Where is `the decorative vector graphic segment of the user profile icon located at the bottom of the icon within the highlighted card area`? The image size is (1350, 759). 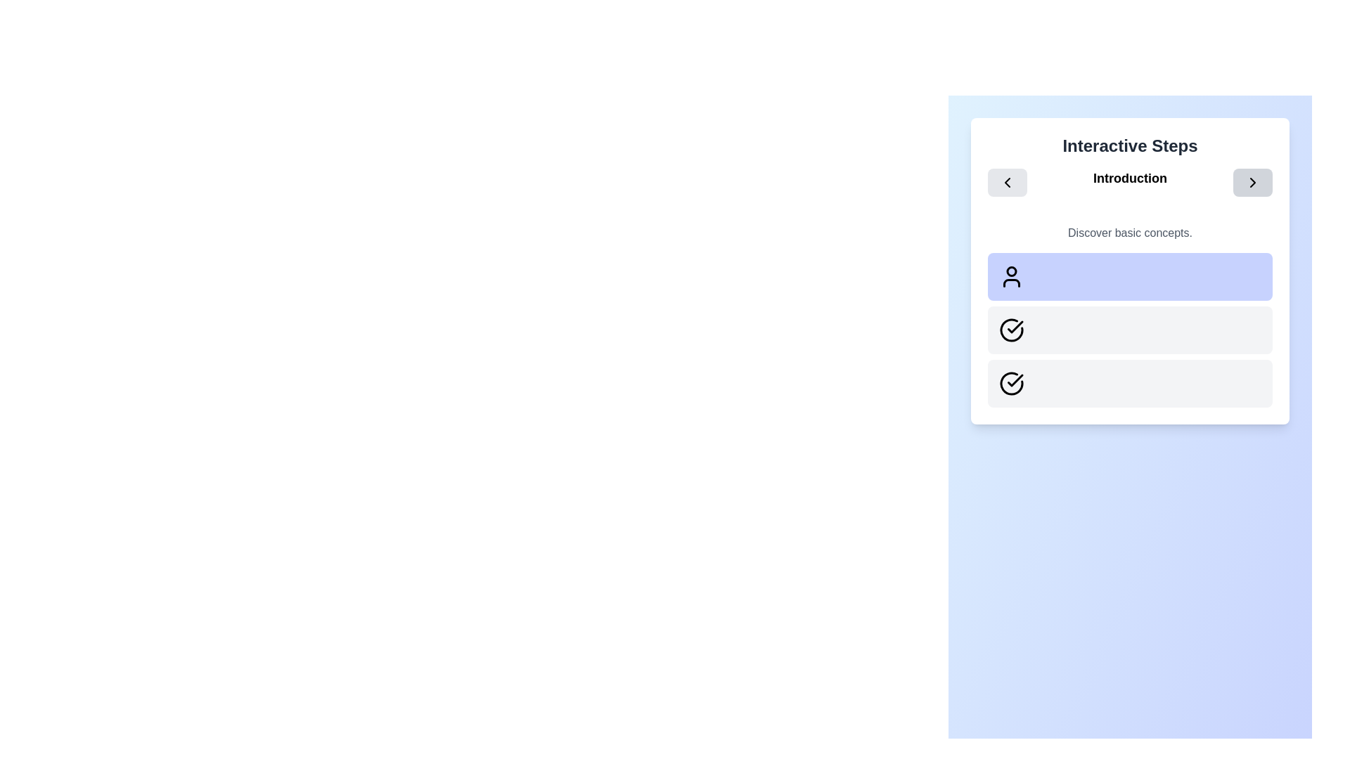 the decorative vector graphic segment of the user profile icon located at the bottom of the icon within the highlighted card area is located at coordinates (1011, 283).